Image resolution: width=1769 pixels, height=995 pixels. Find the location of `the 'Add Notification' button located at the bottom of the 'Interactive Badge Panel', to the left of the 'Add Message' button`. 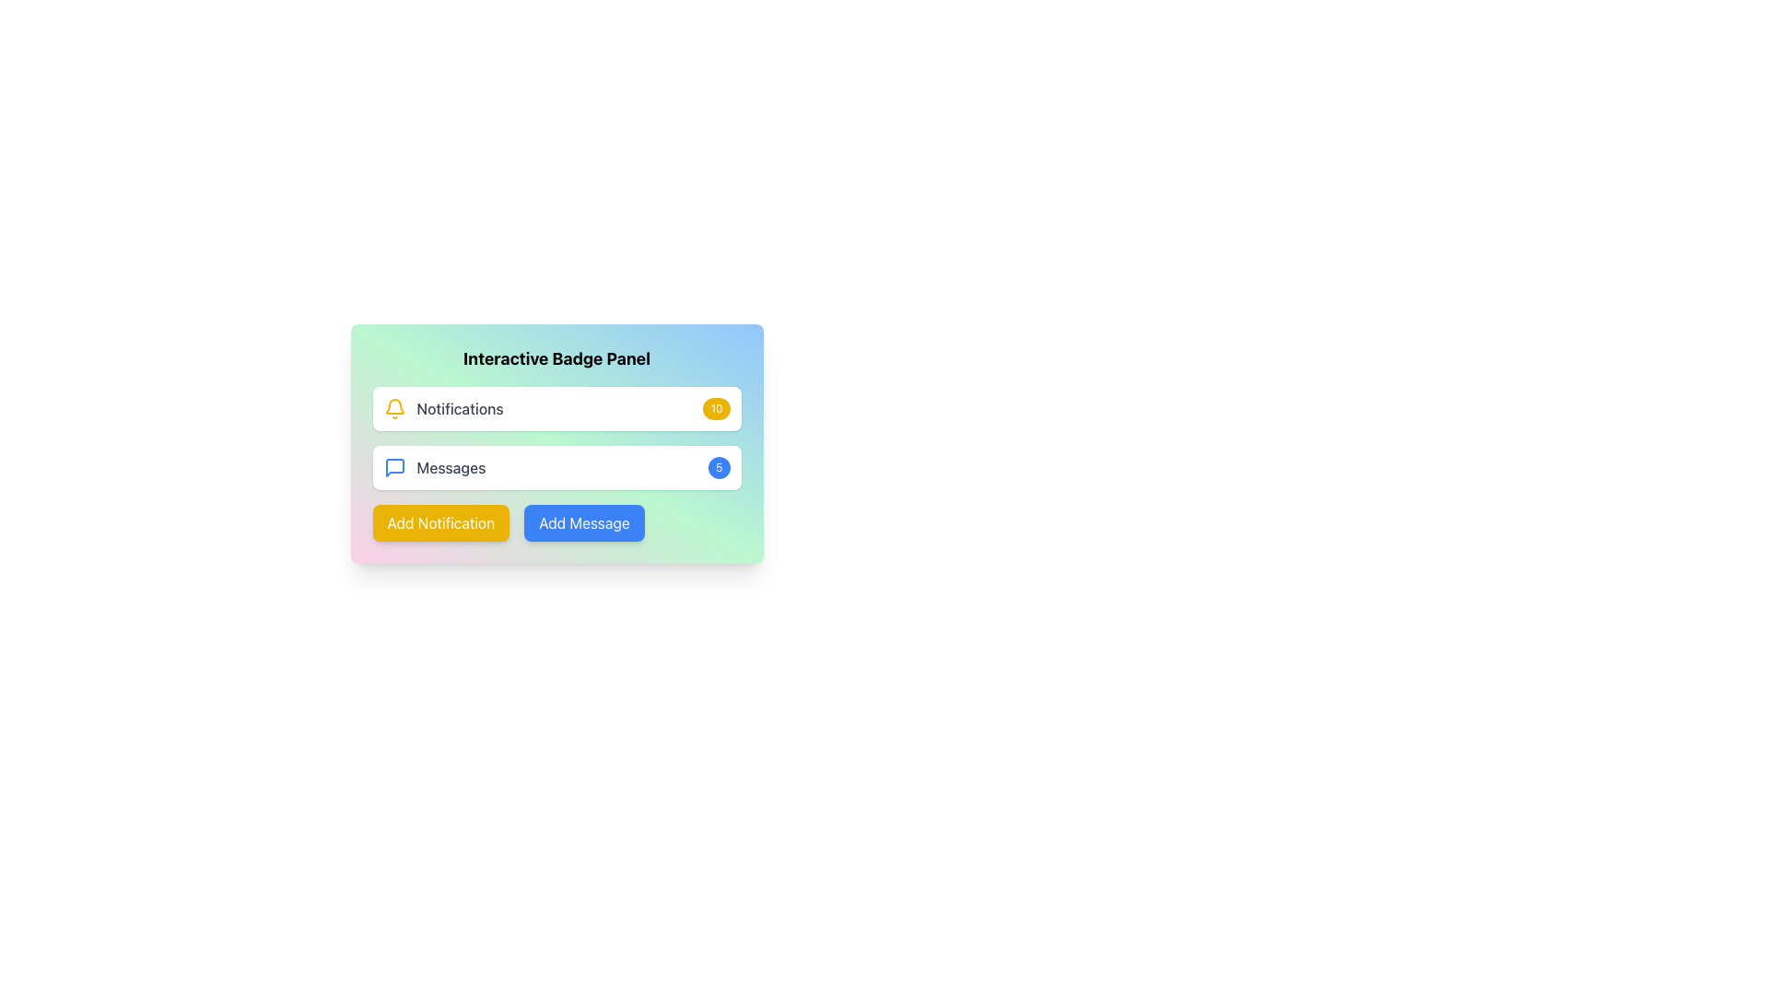

the 'Add Notification' button located at the bottom of the 'Interactive Badge Panel', to the left of the 'Add Message' button is located at coordinates (439, 522).